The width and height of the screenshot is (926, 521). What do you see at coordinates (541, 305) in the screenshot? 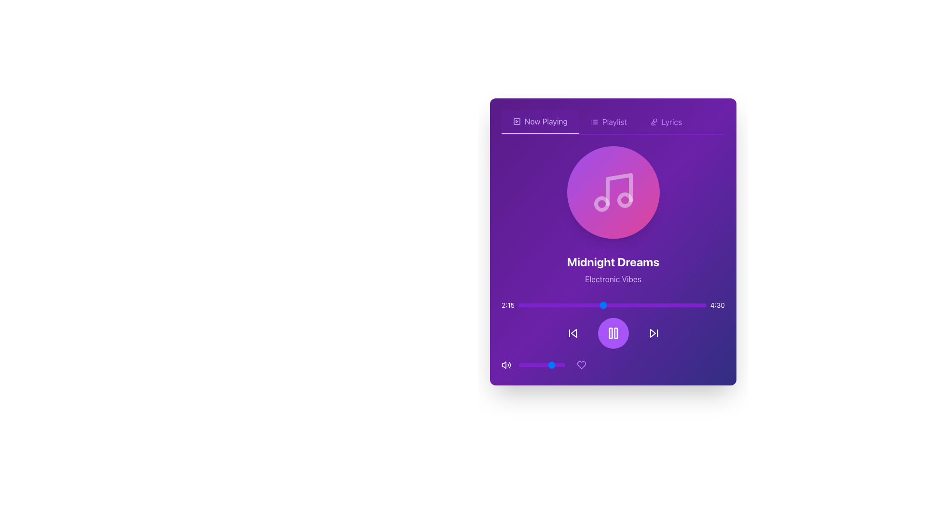
I see `progress` at bounding box center [541, 305].